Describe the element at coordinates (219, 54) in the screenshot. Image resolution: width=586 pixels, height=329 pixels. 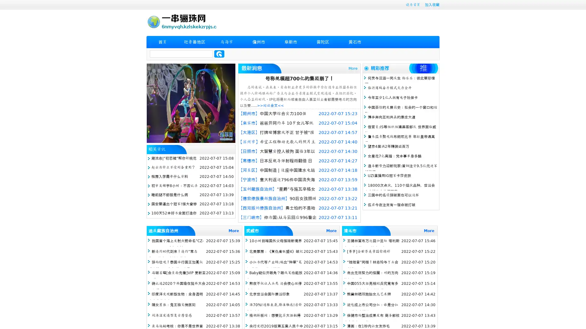
I see `Search` at that location.